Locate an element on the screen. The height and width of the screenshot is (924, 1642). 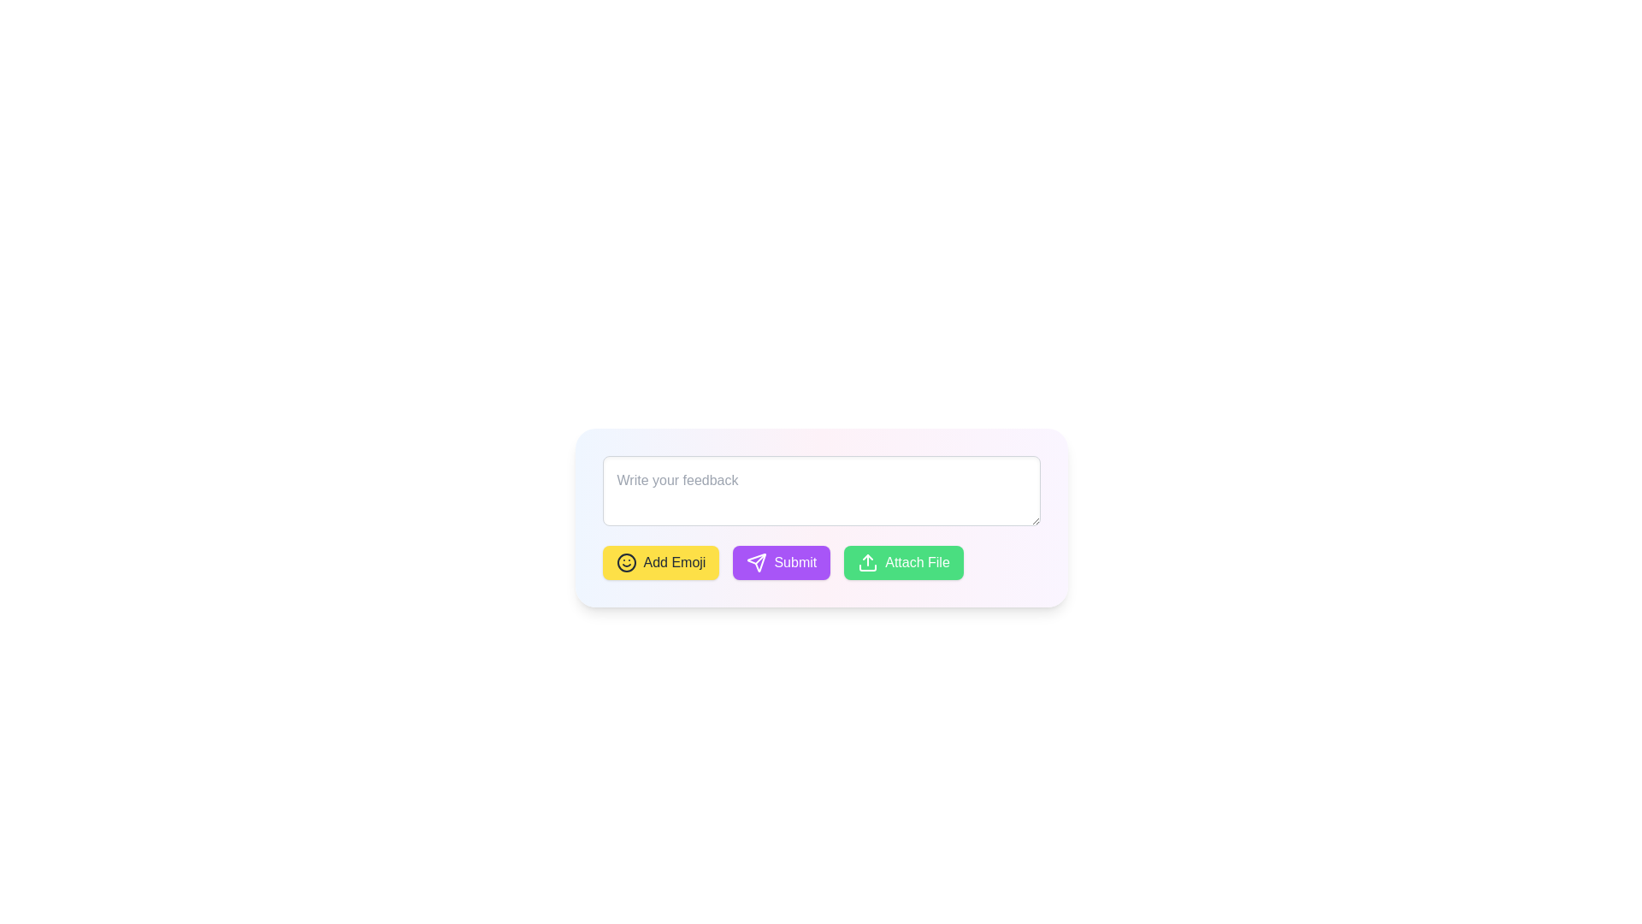
the 'Add Emoji' button, which is a yellow rectangular button with rounded corners located at the bottom left of the interface, to observe any tooltip or visual feedback is located at coordinates (659, 563).